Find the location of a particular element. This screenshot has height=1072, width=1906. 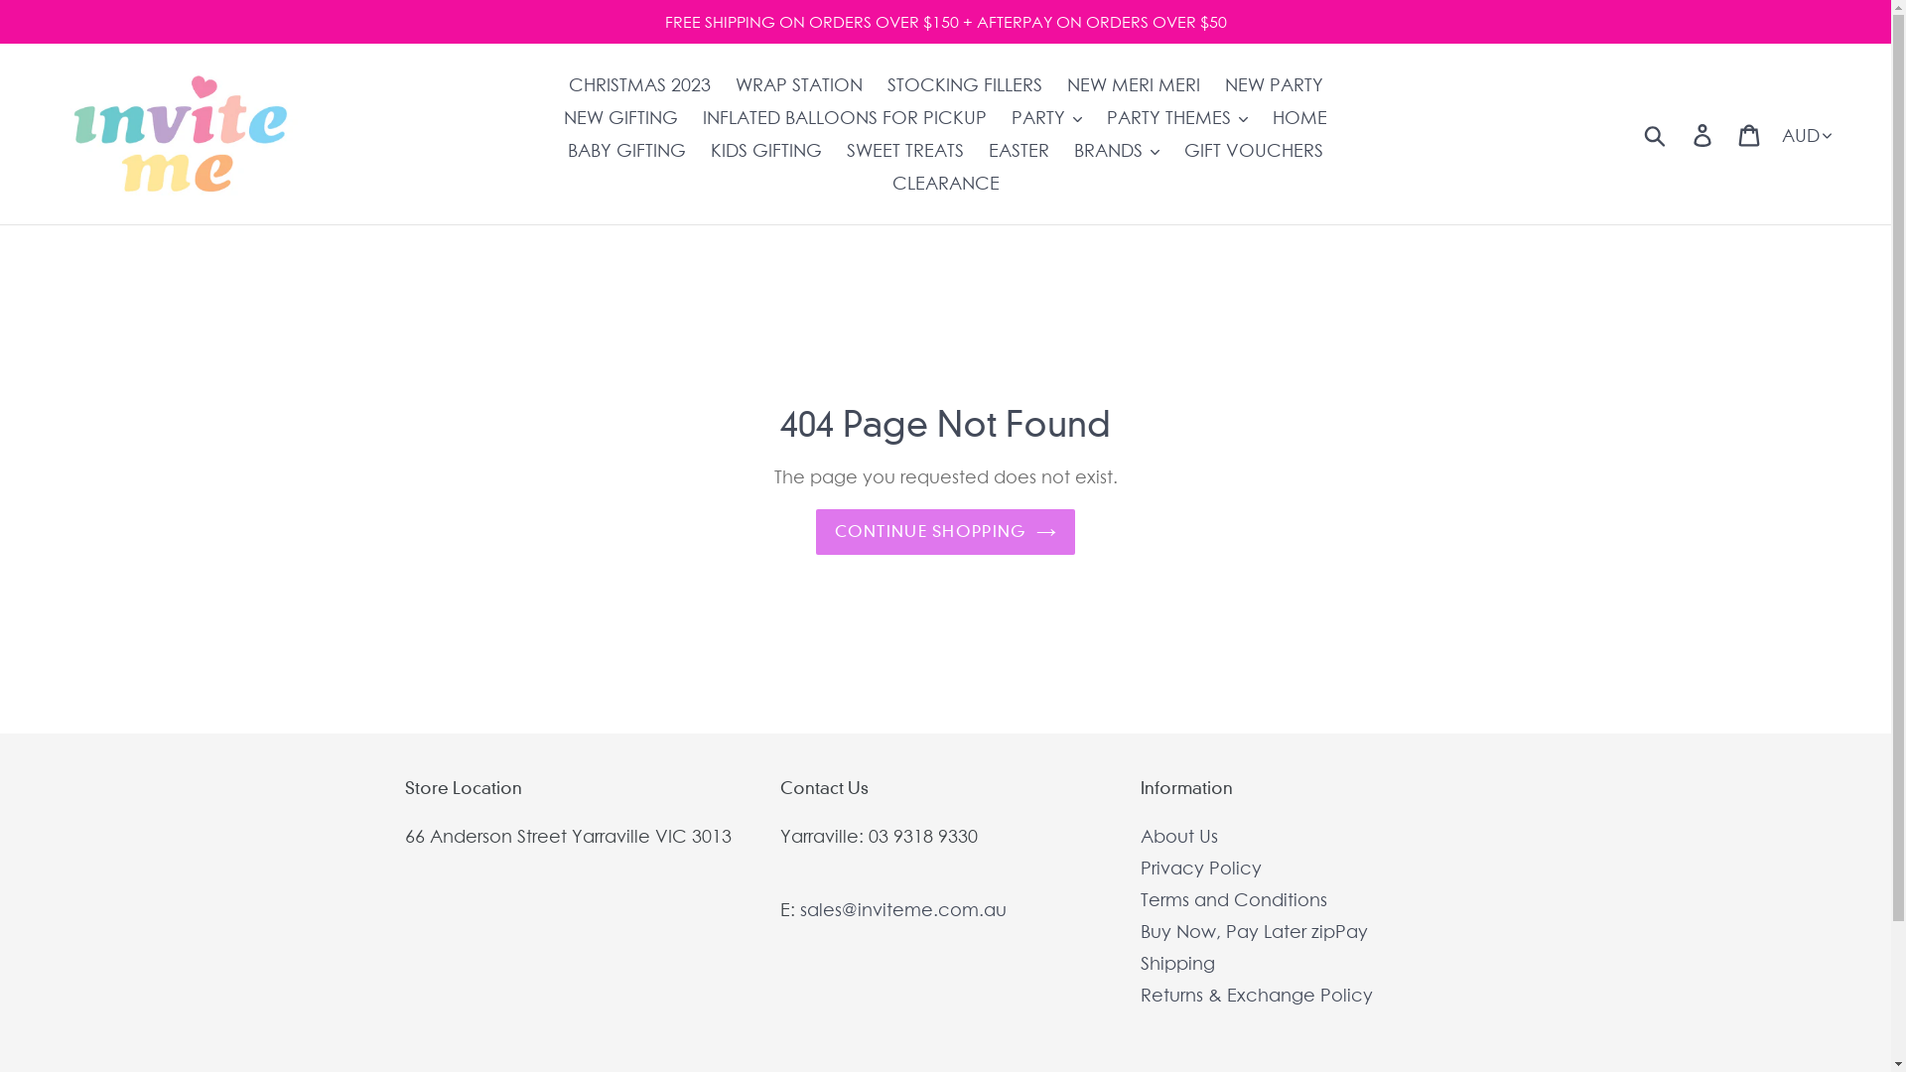

'Shipping' is located at coordinates (1177, 962).